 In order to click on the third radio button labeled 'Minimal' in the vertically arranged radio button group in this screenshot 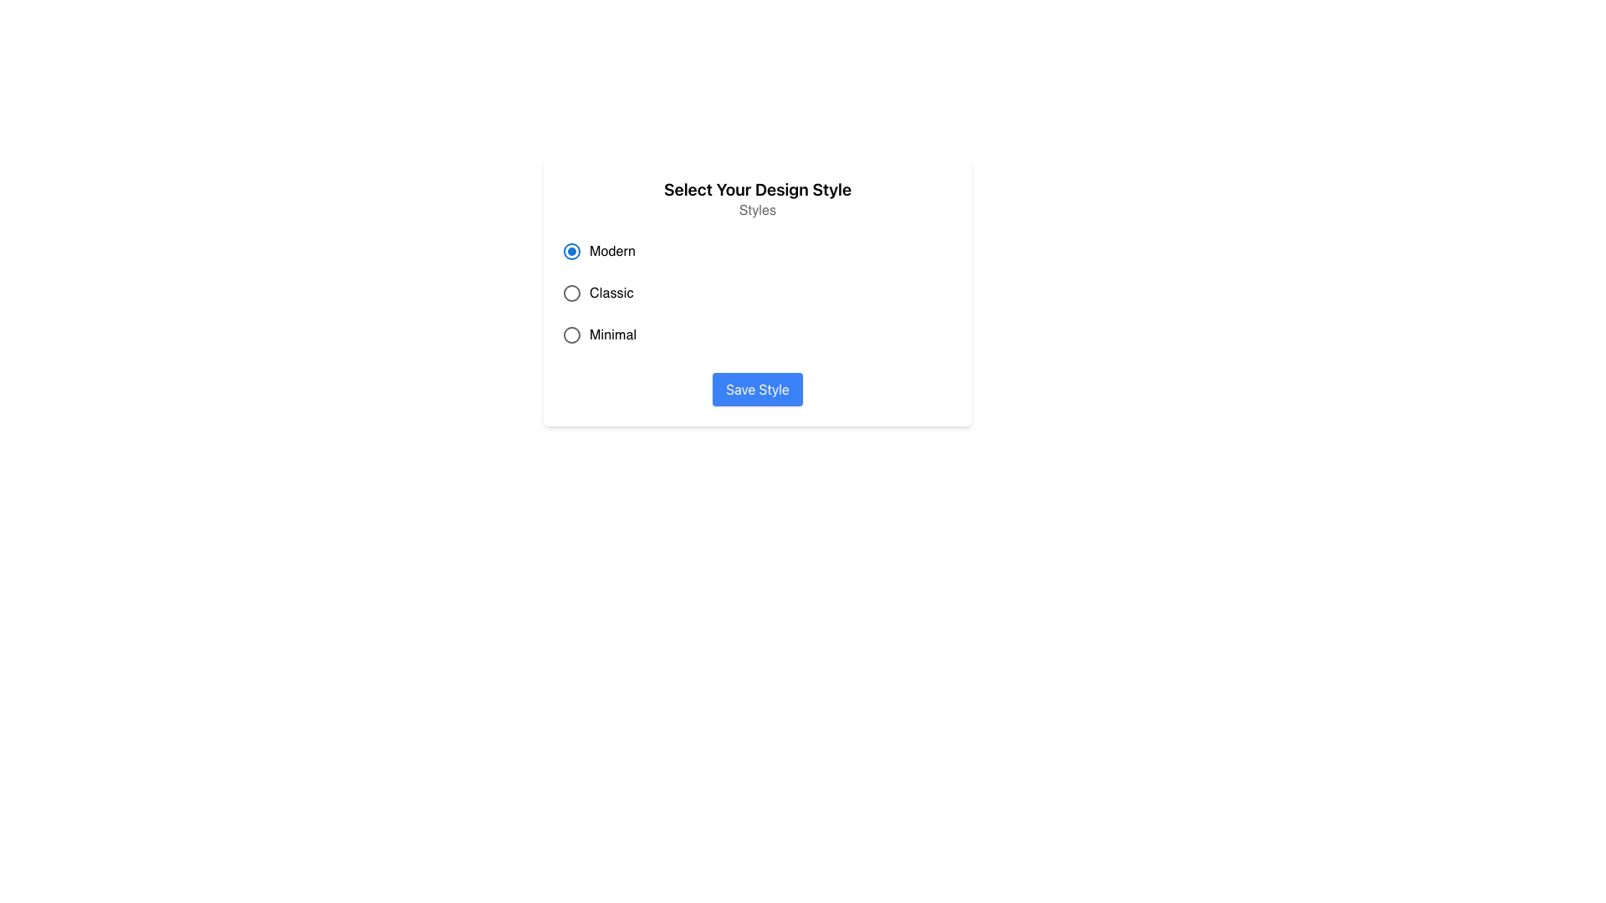, I will do `click(745, 335)`.